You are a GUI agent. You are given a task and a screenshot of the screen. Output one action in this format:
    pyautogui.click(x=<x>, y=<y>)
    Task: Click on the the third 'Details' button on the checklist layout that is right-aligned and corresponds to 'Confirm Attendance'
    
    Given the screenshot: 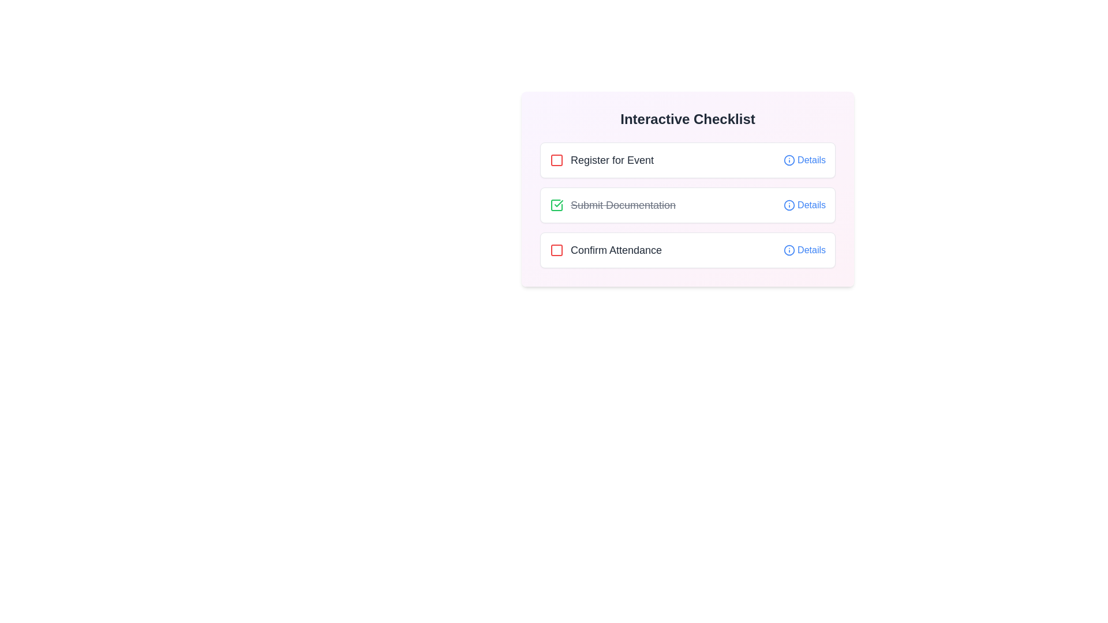 What is the action you would take?
    pyautogui.click(x=804, y=250)
    